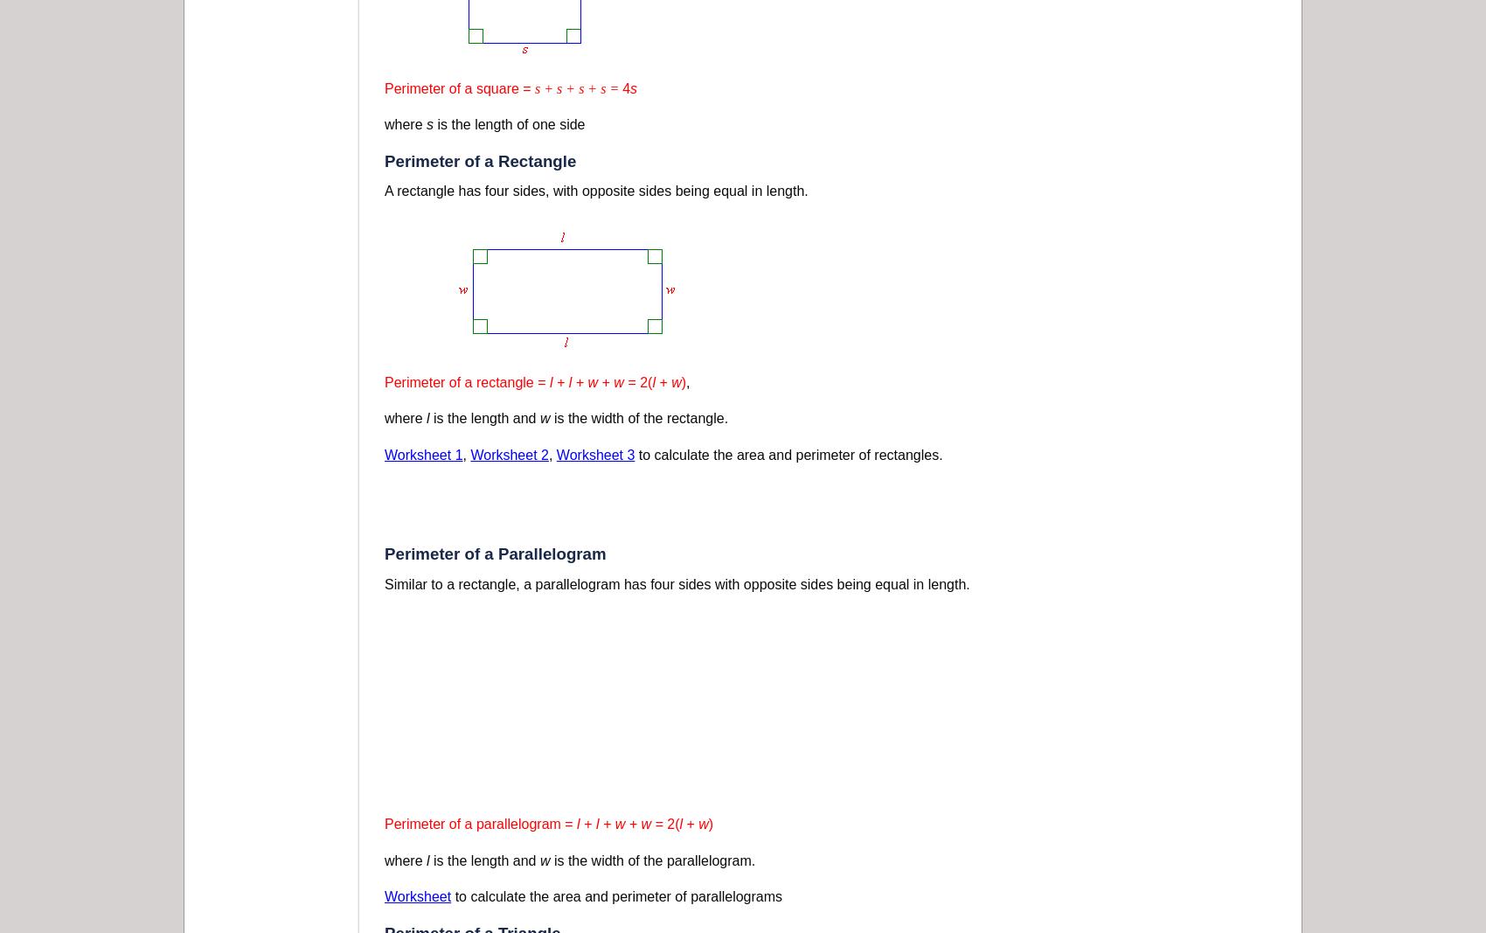 The image size is (1486, 933). I want to click on 'Worksheet 3', so click(595, 453).